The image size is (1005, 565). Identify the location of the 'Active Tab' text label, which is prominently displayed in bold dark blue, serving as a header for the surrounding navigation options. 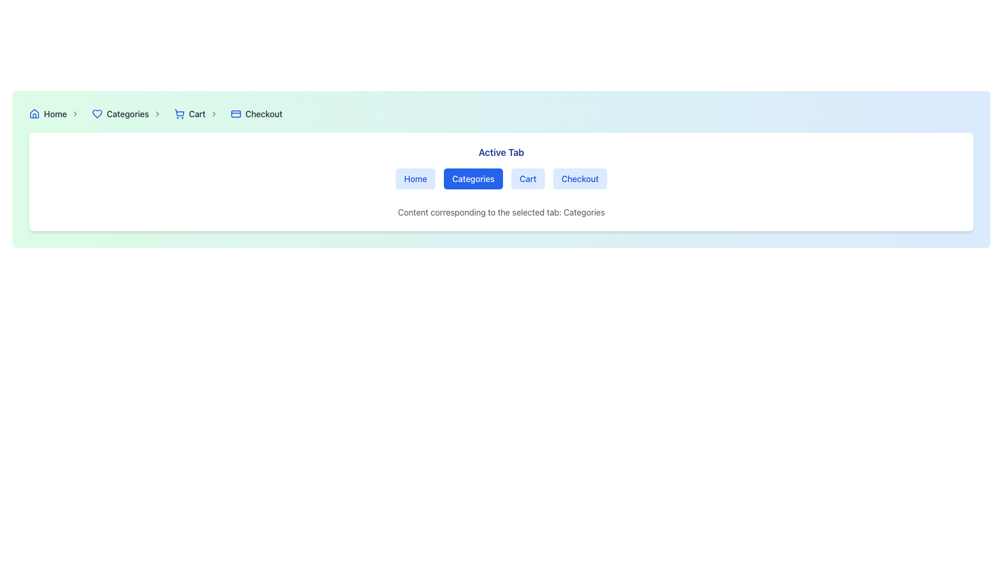
(501, 153).